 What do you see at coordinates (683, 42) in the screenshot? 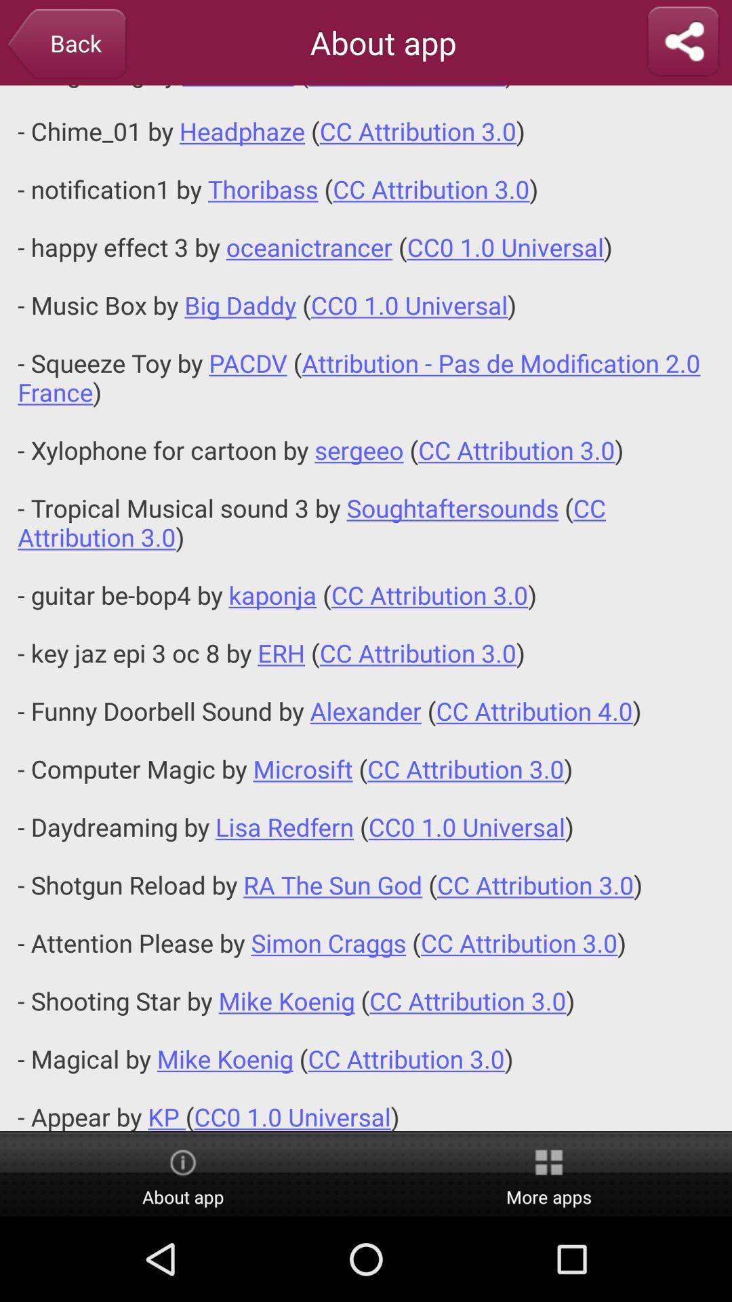
I see `share app` at bounding box center [683, 42].